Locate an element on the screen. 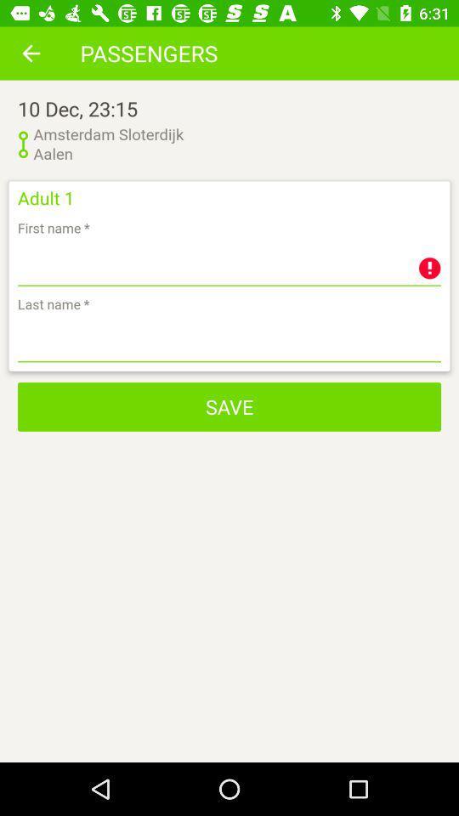 This screenshot has height=816, width=459. first name of passenger adult 1 is located at coordinates (229, 263).